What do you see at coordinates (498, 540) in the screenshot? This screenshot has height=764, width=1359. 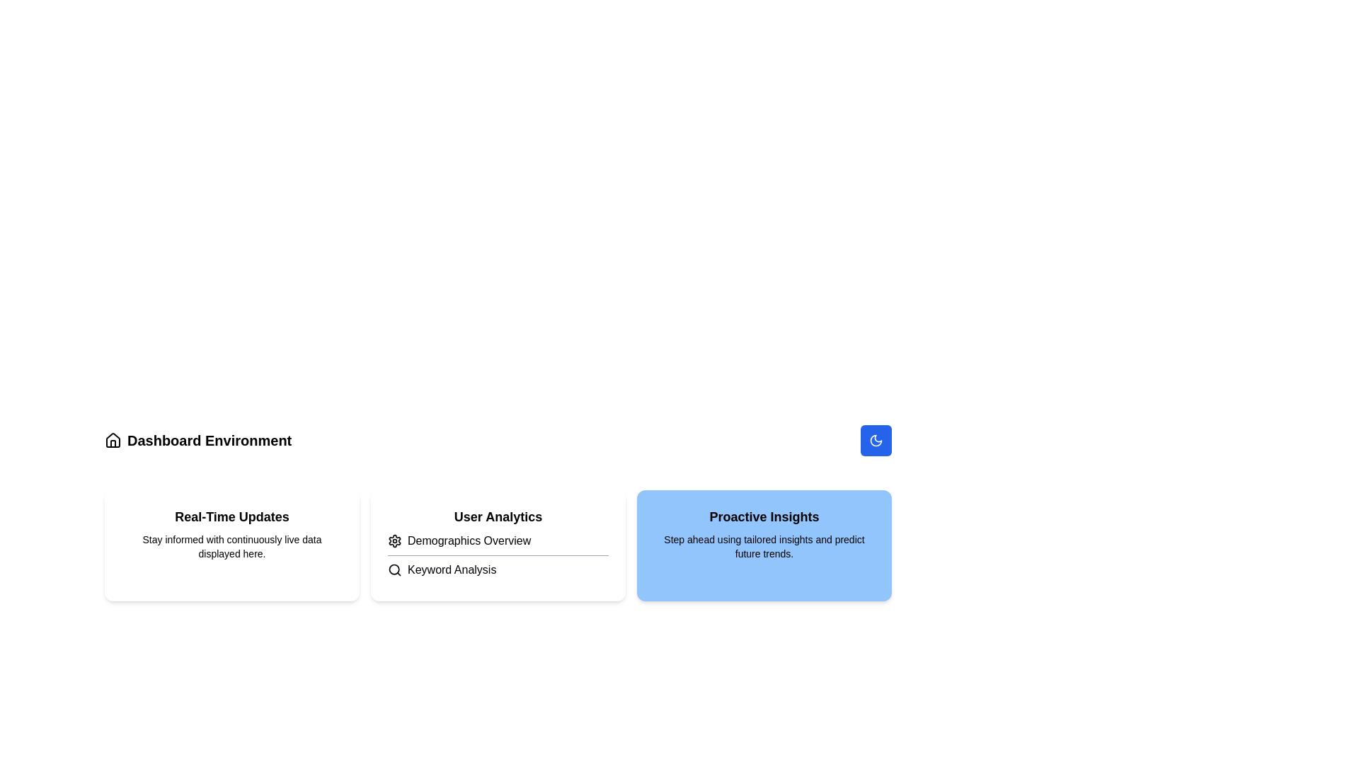 I see `the Text Label with Icon that leads to the demographic data analysis section, located in the User Analytics vertical list beneath Real-Time Updates and to the left of Proactive Insights` at bounding box center [498, 540].